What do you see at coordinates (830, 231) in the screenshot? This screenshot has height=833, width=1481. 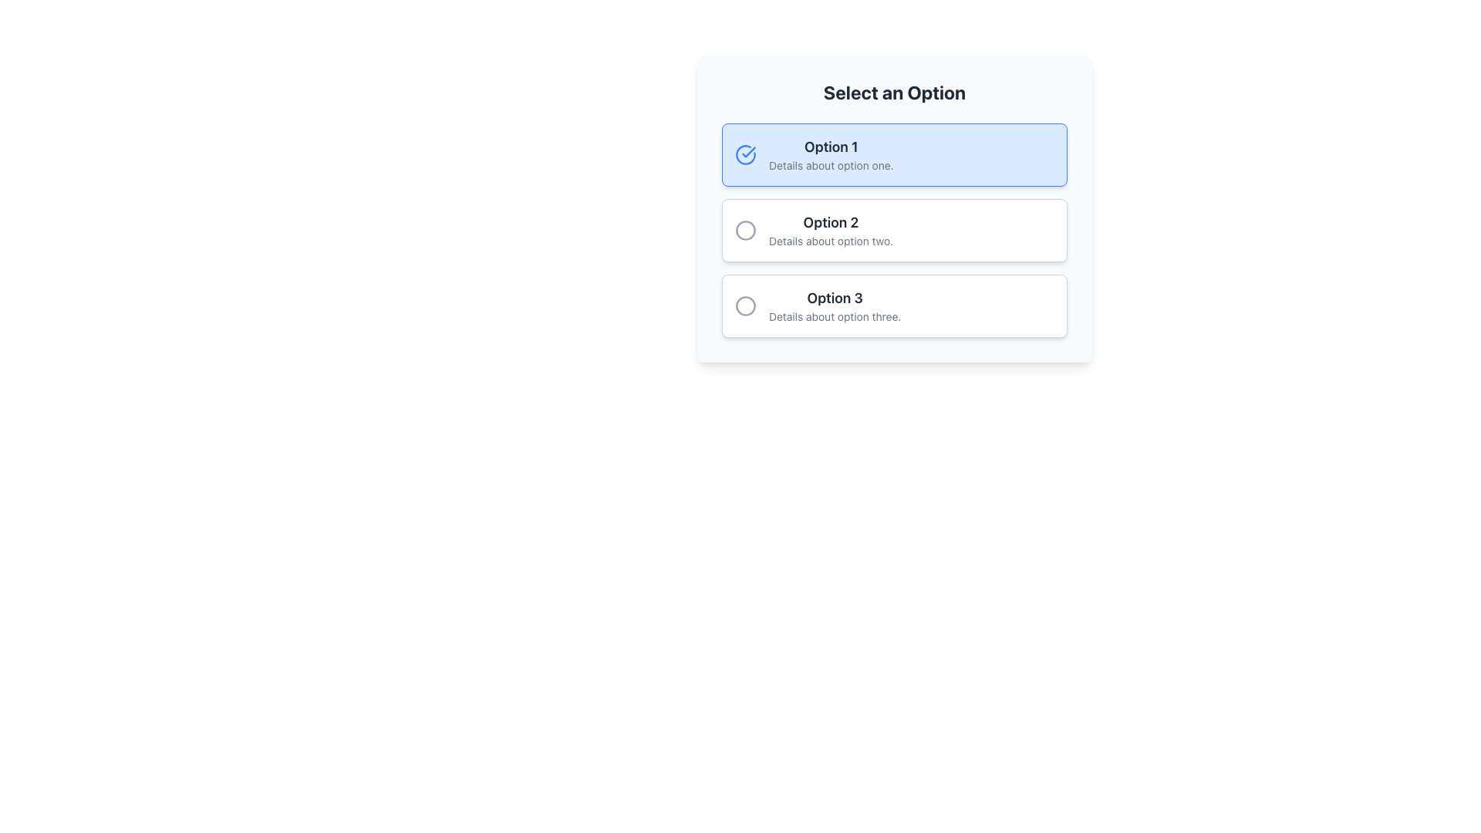 I see `text displayed in the second row text block, which shows 'Option 2' in bold and 'Details about option two.' in a smaller font` at bounding box center [830, 231].